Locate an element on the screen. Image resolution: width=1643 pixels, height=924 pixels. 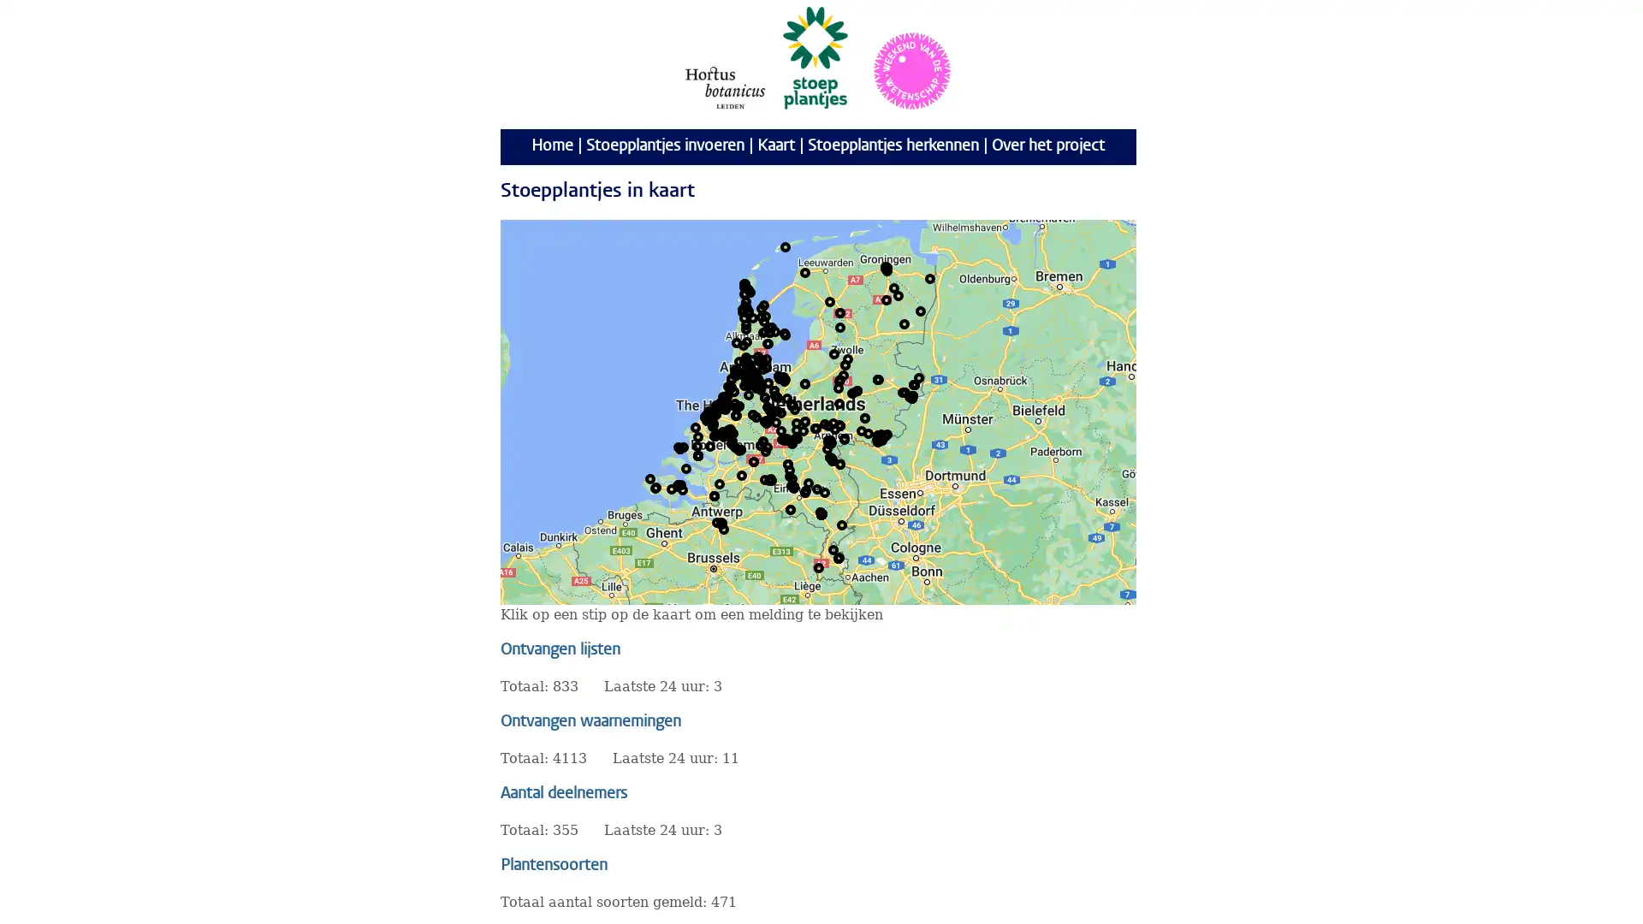
Telling van Janneke Wagter op 29 oktober 2021 is located at coordinates (723, 403).